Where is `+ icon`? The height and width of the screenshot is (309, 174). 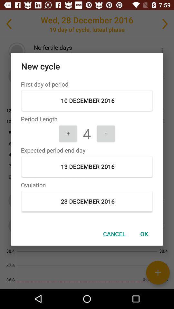 + icon is located at coordinates (68, 133).